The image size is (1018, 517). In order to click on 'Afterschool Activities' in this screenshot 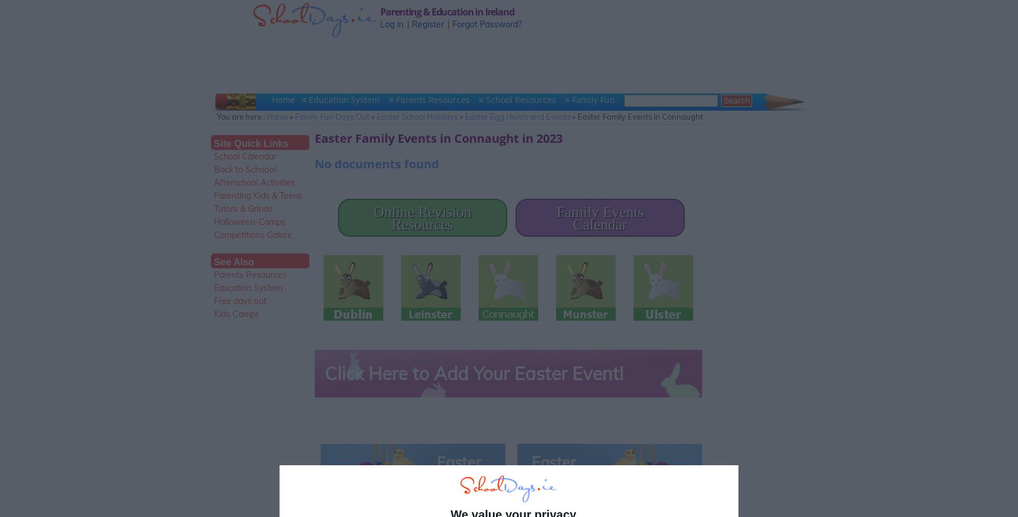, I will do `click(254, 182)`.